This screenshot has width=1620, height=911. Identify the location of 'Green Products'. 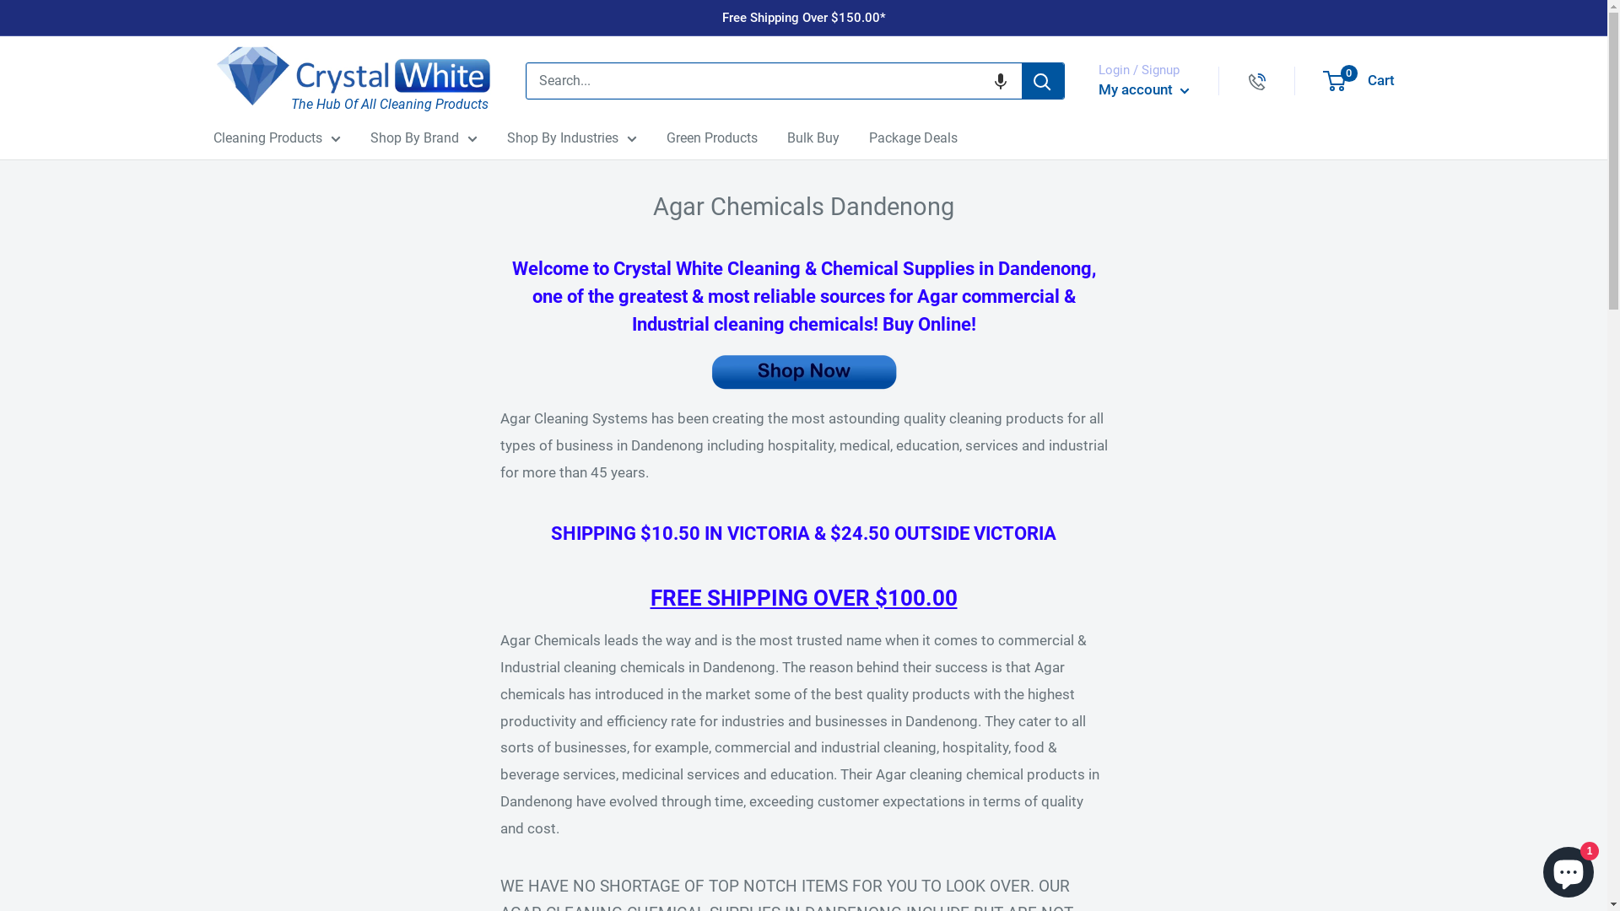
(712, 137).